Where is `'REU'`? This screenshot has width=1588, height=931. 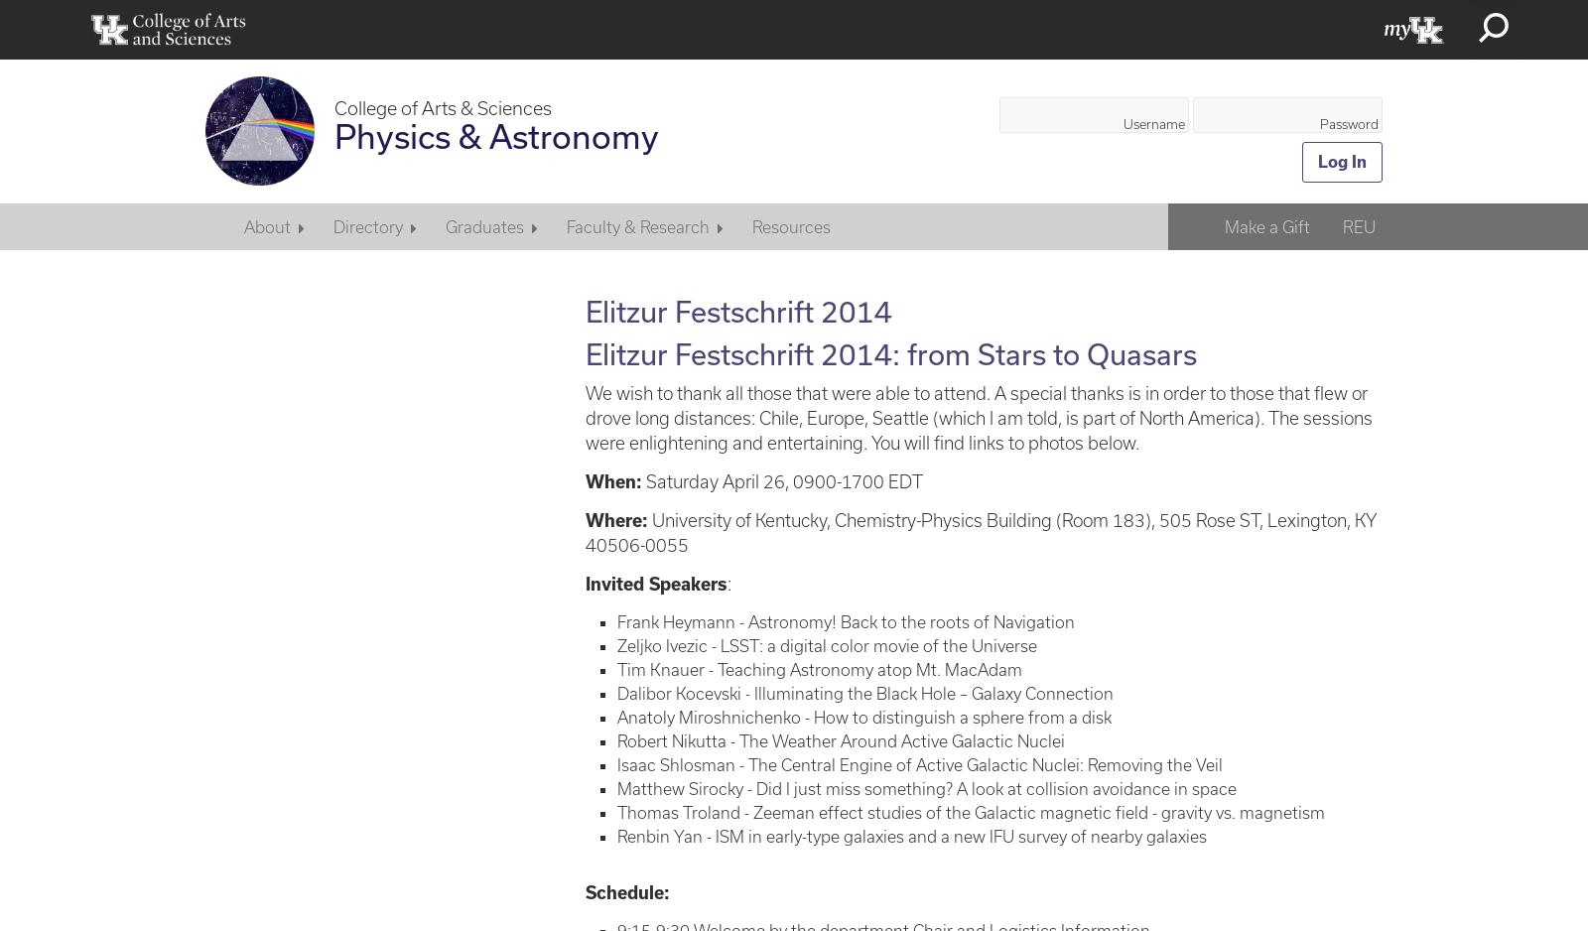
'REU' is located at coordinates (1357, 225).